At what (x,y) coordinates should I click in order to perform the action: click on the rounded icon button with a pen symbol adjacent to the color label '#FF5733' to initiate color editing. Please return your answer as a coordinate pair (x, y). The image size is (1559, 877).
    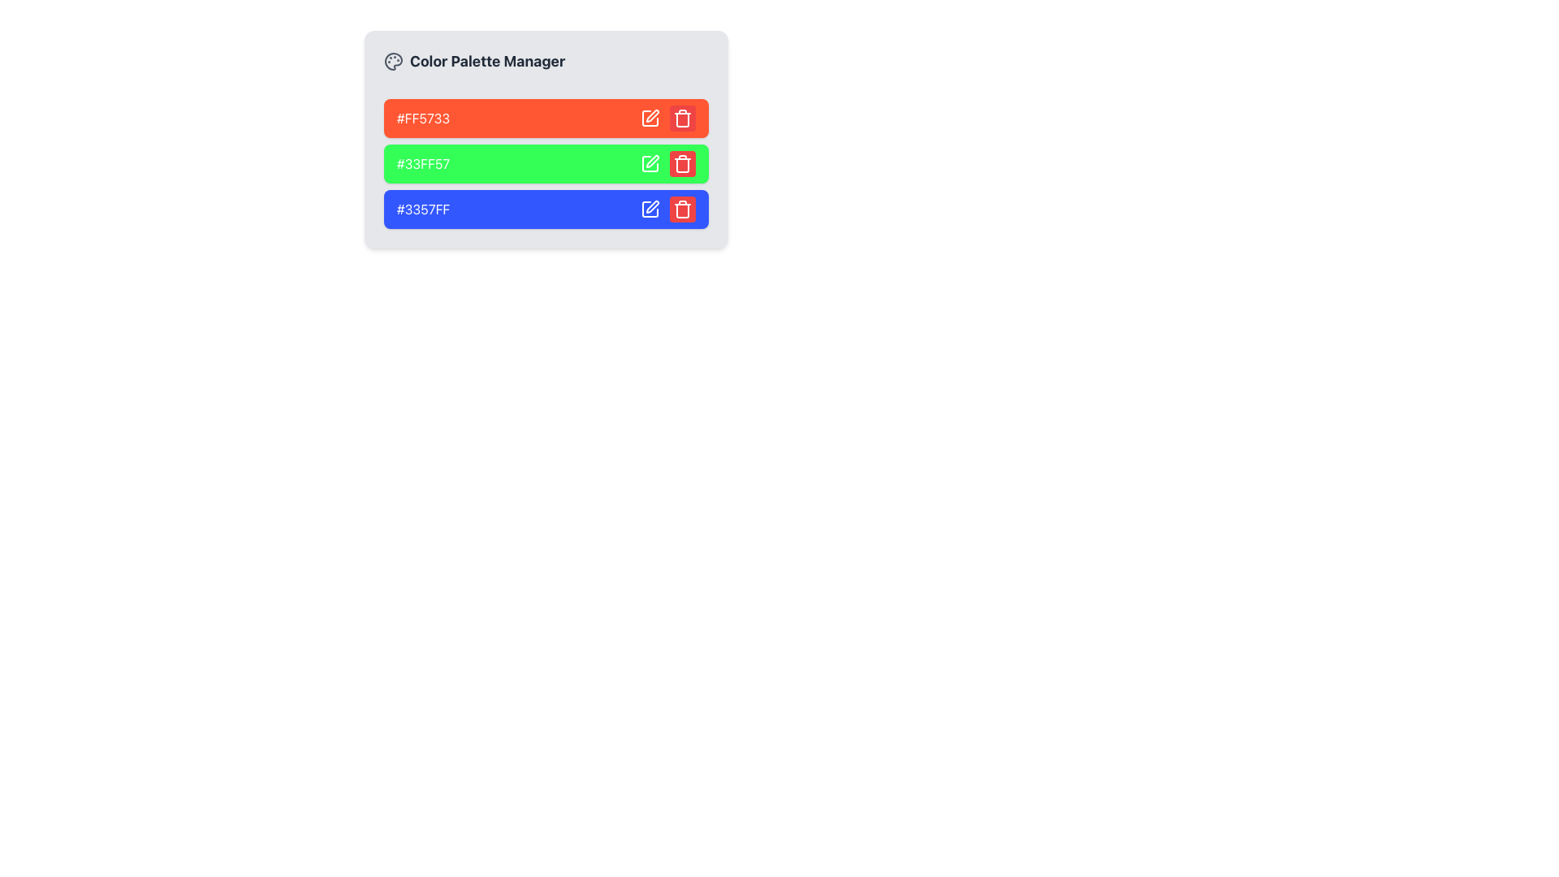
    Looking at the image, I should click on (650, 118).